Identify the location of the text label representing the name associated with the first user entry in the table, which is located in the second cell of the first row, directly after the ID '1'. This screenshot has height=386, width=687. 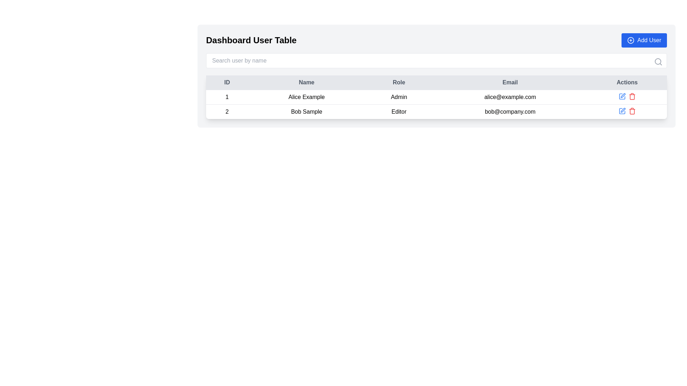
(306, 97).